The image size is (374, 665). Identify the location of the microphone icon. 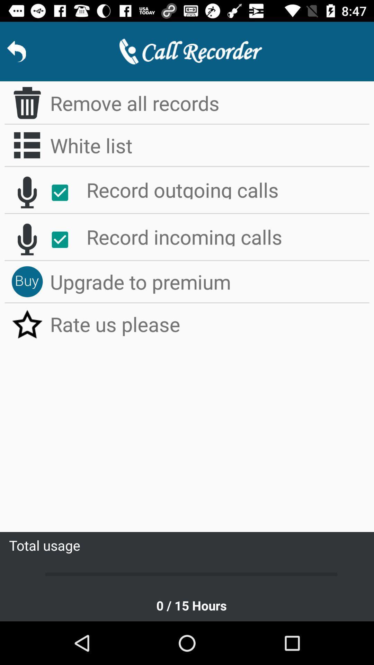
(27, 239).